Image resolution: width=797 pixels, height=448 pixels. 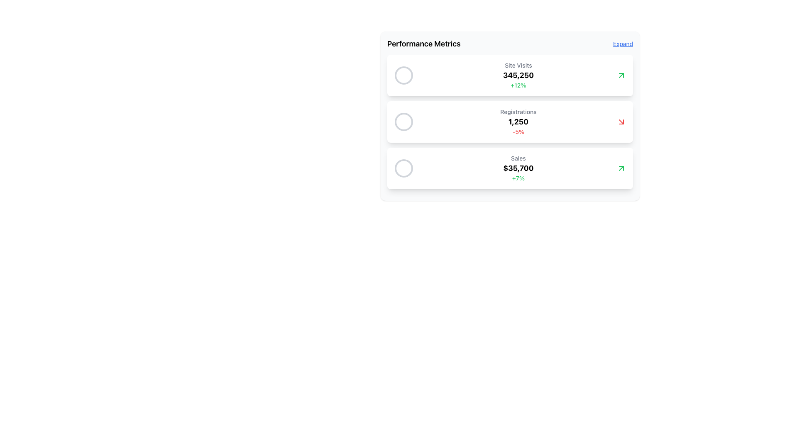 What do you see at coordinates (621, 75) in the screenshot?
I see `the vector graphic arrow icon that represents an upward trend, located within the SVG element associated with the 'Sales' label and positioned to the right of the value '$35,700'` at bounding box center [621, 75].